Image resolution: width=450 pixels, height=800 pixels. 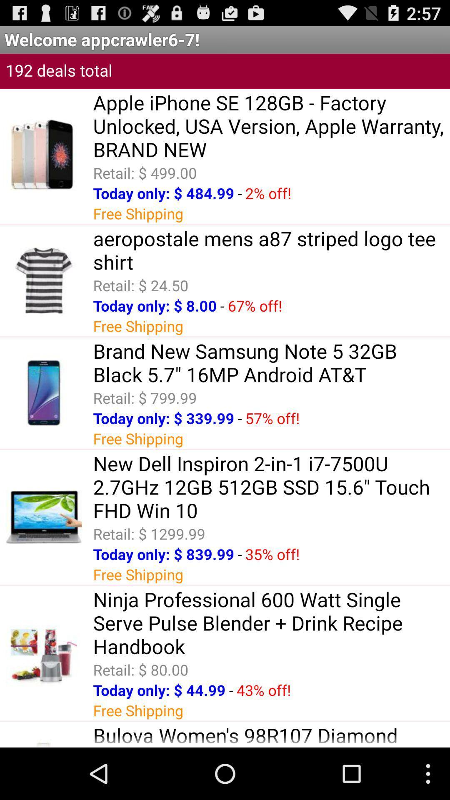 I want to click on app to the left of 2% off! item, so click(x=240, y=192).